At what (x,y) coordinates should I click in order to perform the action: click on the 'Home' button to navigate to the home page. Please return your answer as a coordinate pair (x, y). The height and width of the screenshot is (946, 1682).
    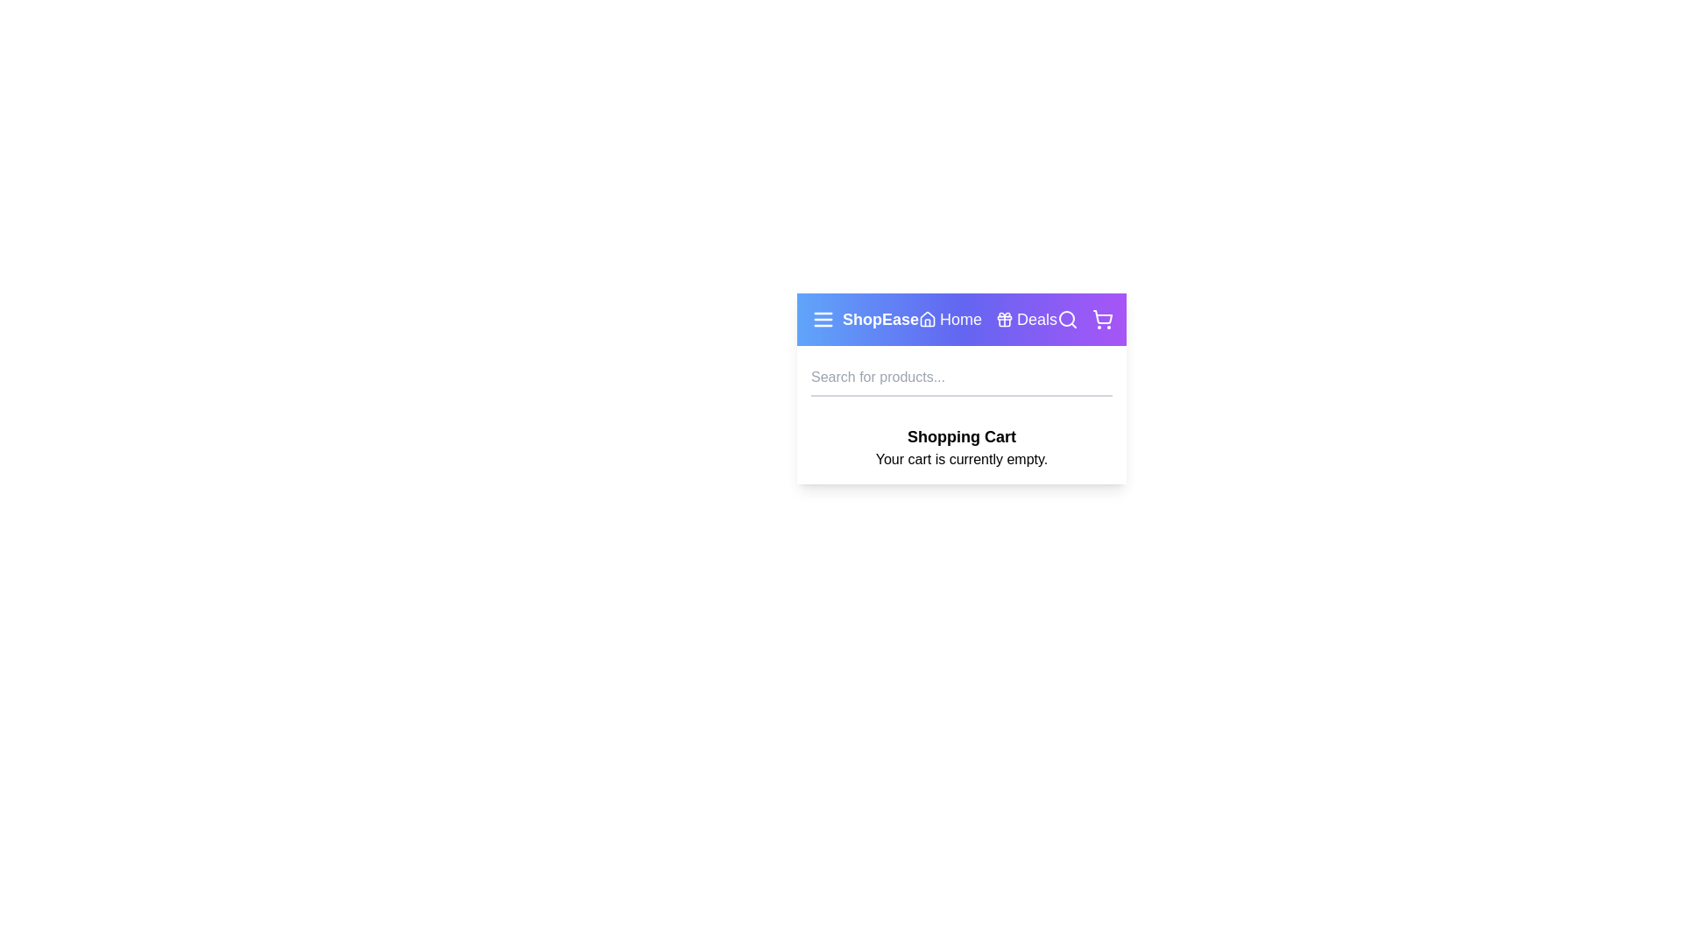
    Looking at the image, I should click on (949, 320).